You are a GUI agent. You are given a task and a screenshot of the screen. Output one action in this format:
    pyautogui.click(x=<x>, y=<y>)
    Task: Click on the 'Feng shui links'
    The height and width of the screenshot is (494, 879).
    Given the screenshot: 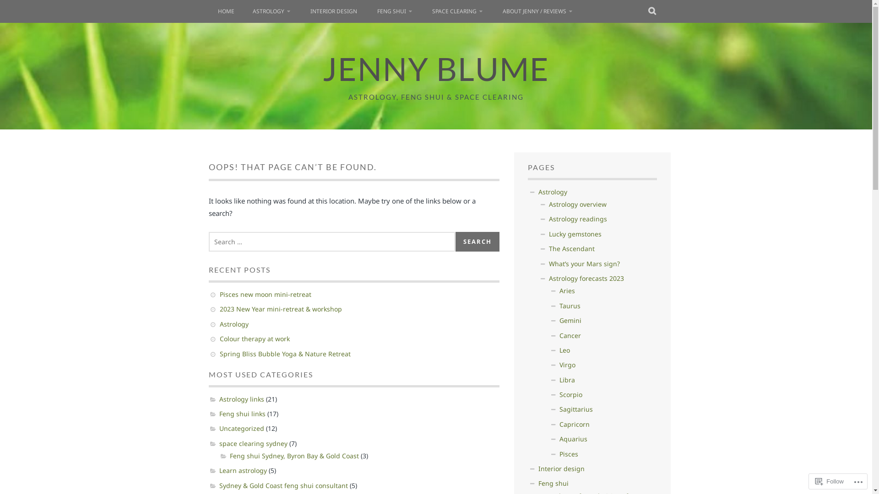 What is the action you would take?
    pyautogui.click(x=242, y=413)
    